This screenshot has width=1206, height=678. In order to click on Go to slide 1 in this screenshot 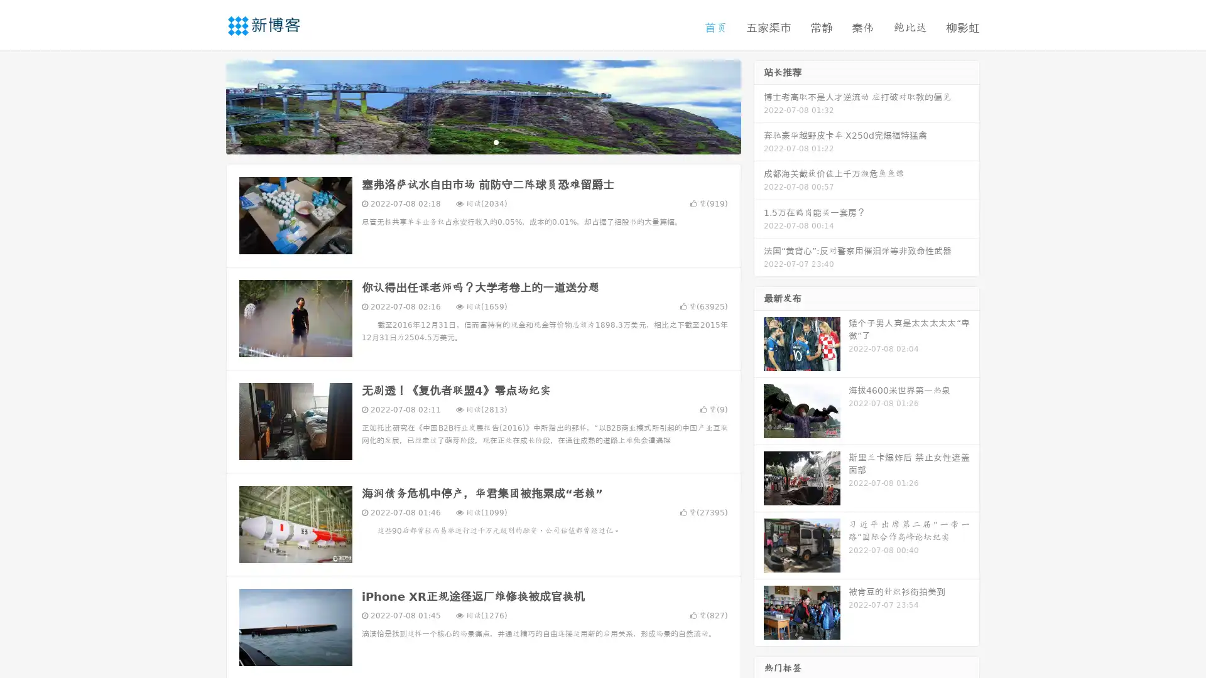, I will do `click(470, 141)`.